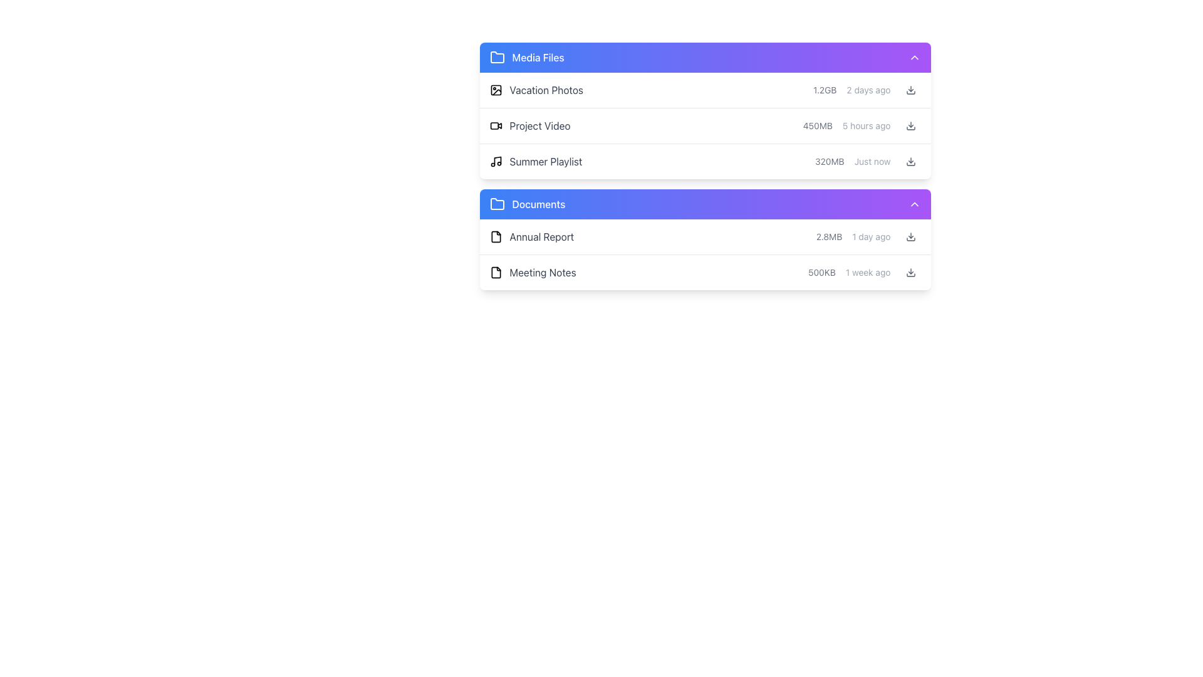  What do you see at coordinates (868, 237) in the screenshot?
I see `the informational text displaying '2.8MB' and '1 day ago', located to the right of the 'Annual Report' item in the documents list` at bounding box center [868, 237].